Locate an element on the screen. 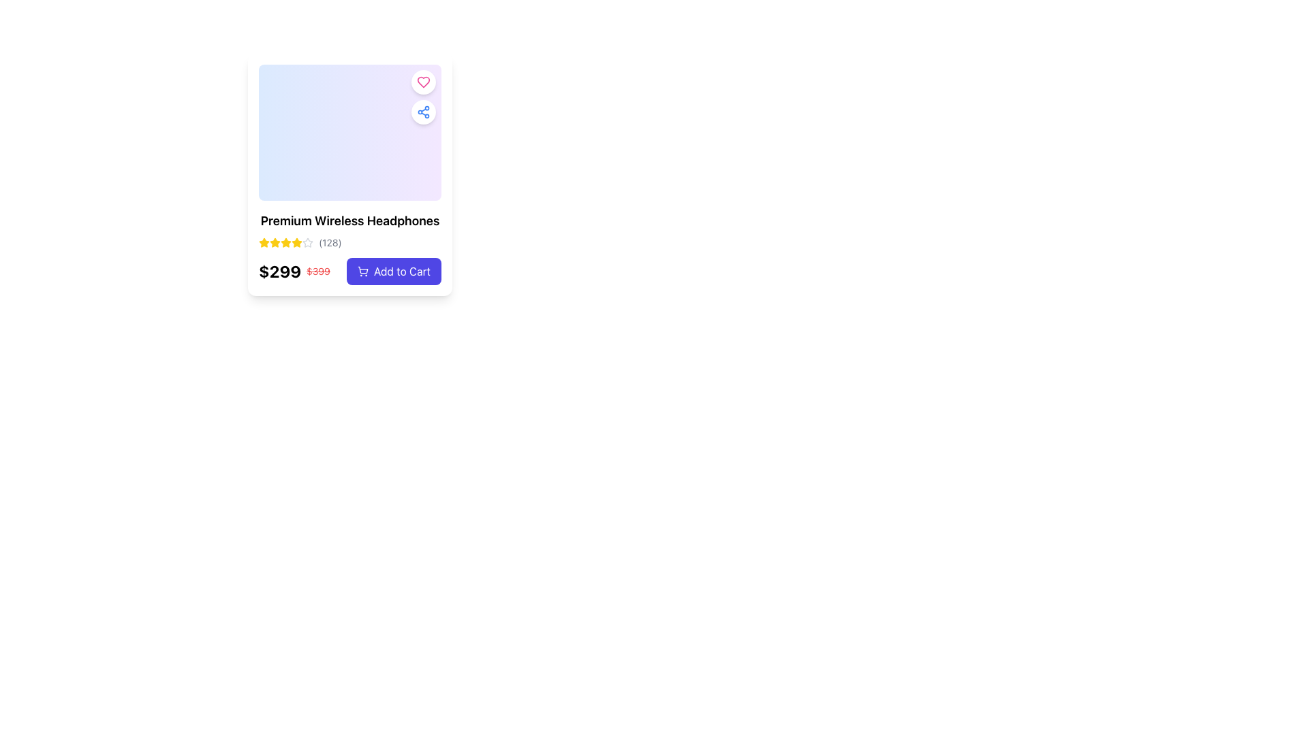 This screenshot has height=735, width=1308. the visual state of the third star icon in the row of five stars used for product rating is located at coordinates (285, 242).